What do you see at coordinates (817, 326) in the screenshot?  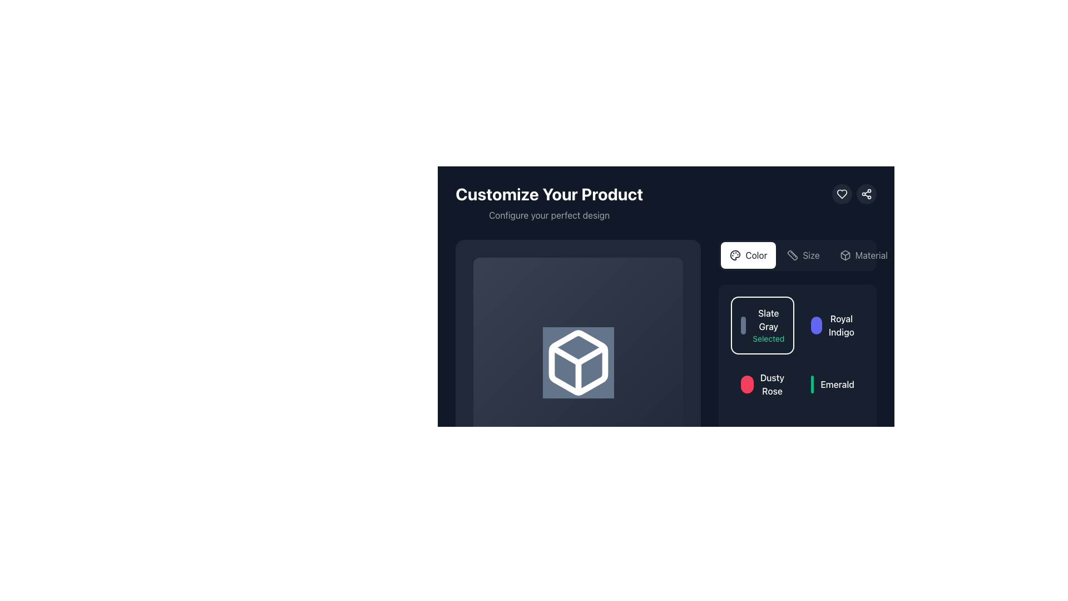 I see `the circular indigo selector located at the top-right area of the interface, distinguished by its solid color and absence of text, for accessibility actions` at bounding box center [817, 326].